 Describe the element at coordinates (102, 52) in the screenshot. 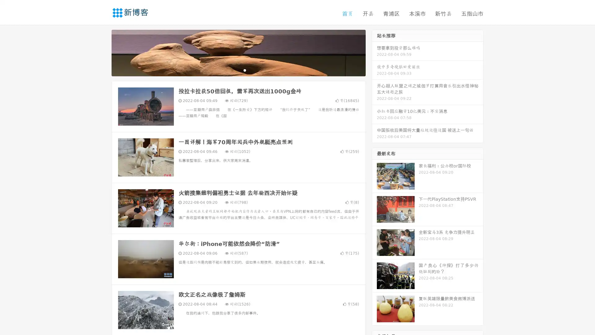

I see `Previous slide` at that location.